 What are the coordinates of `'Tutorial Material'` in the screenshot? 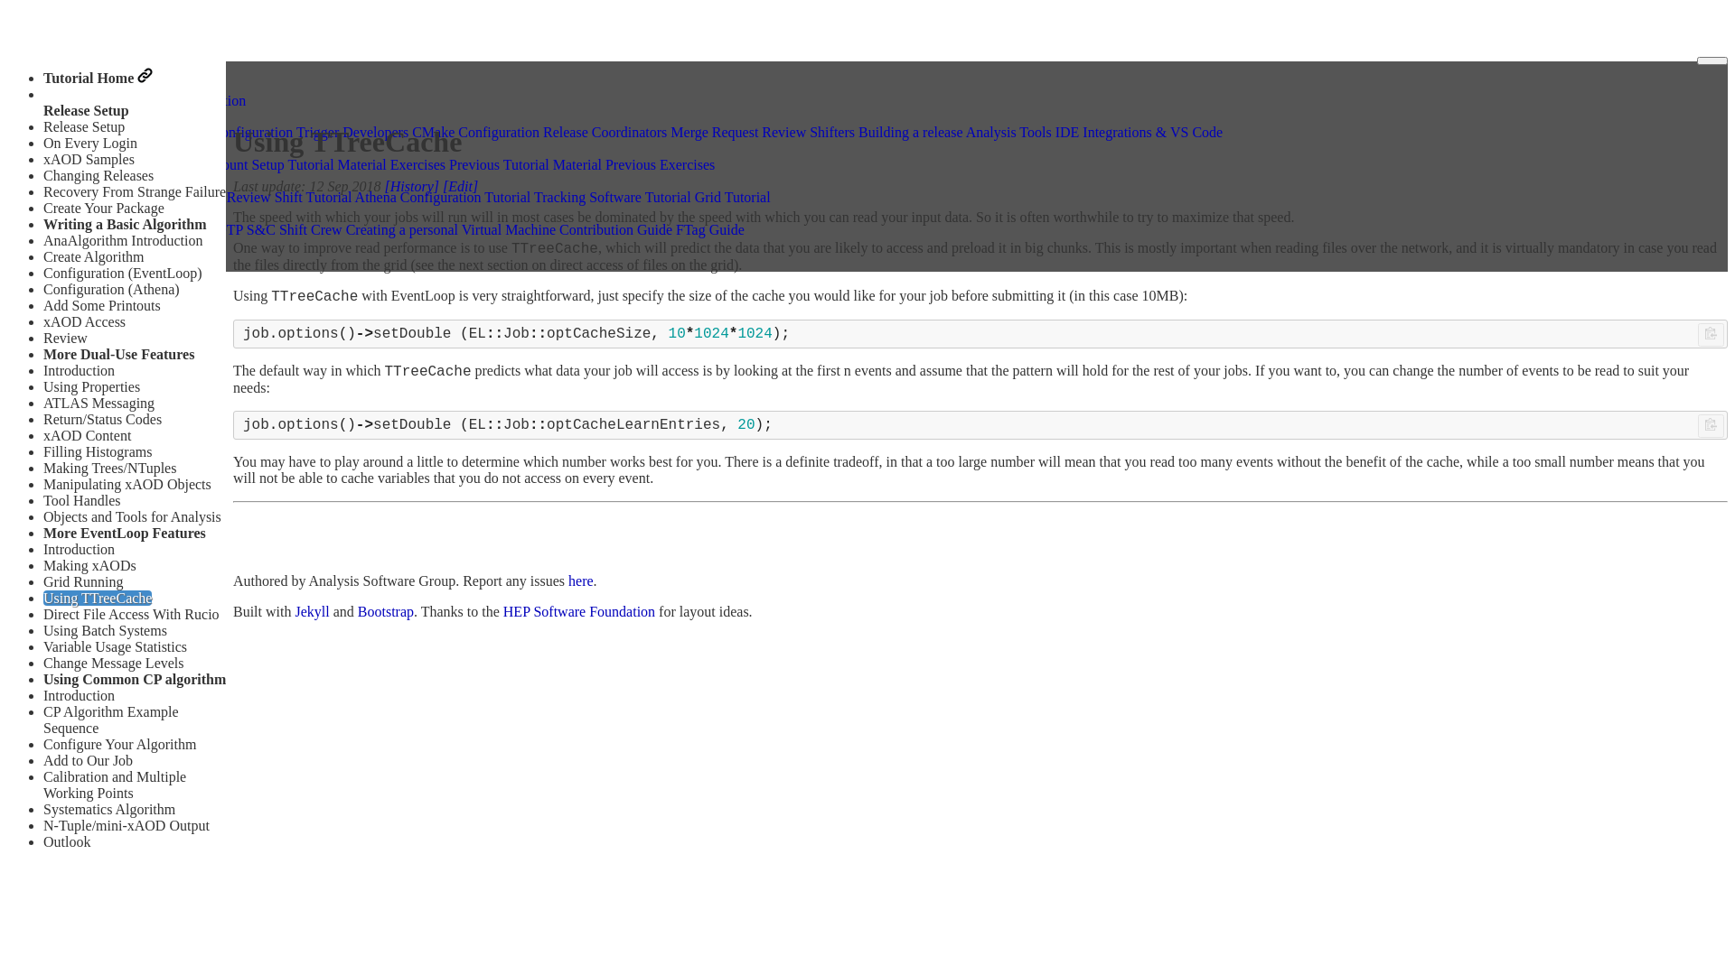 It's located at (286, 164).